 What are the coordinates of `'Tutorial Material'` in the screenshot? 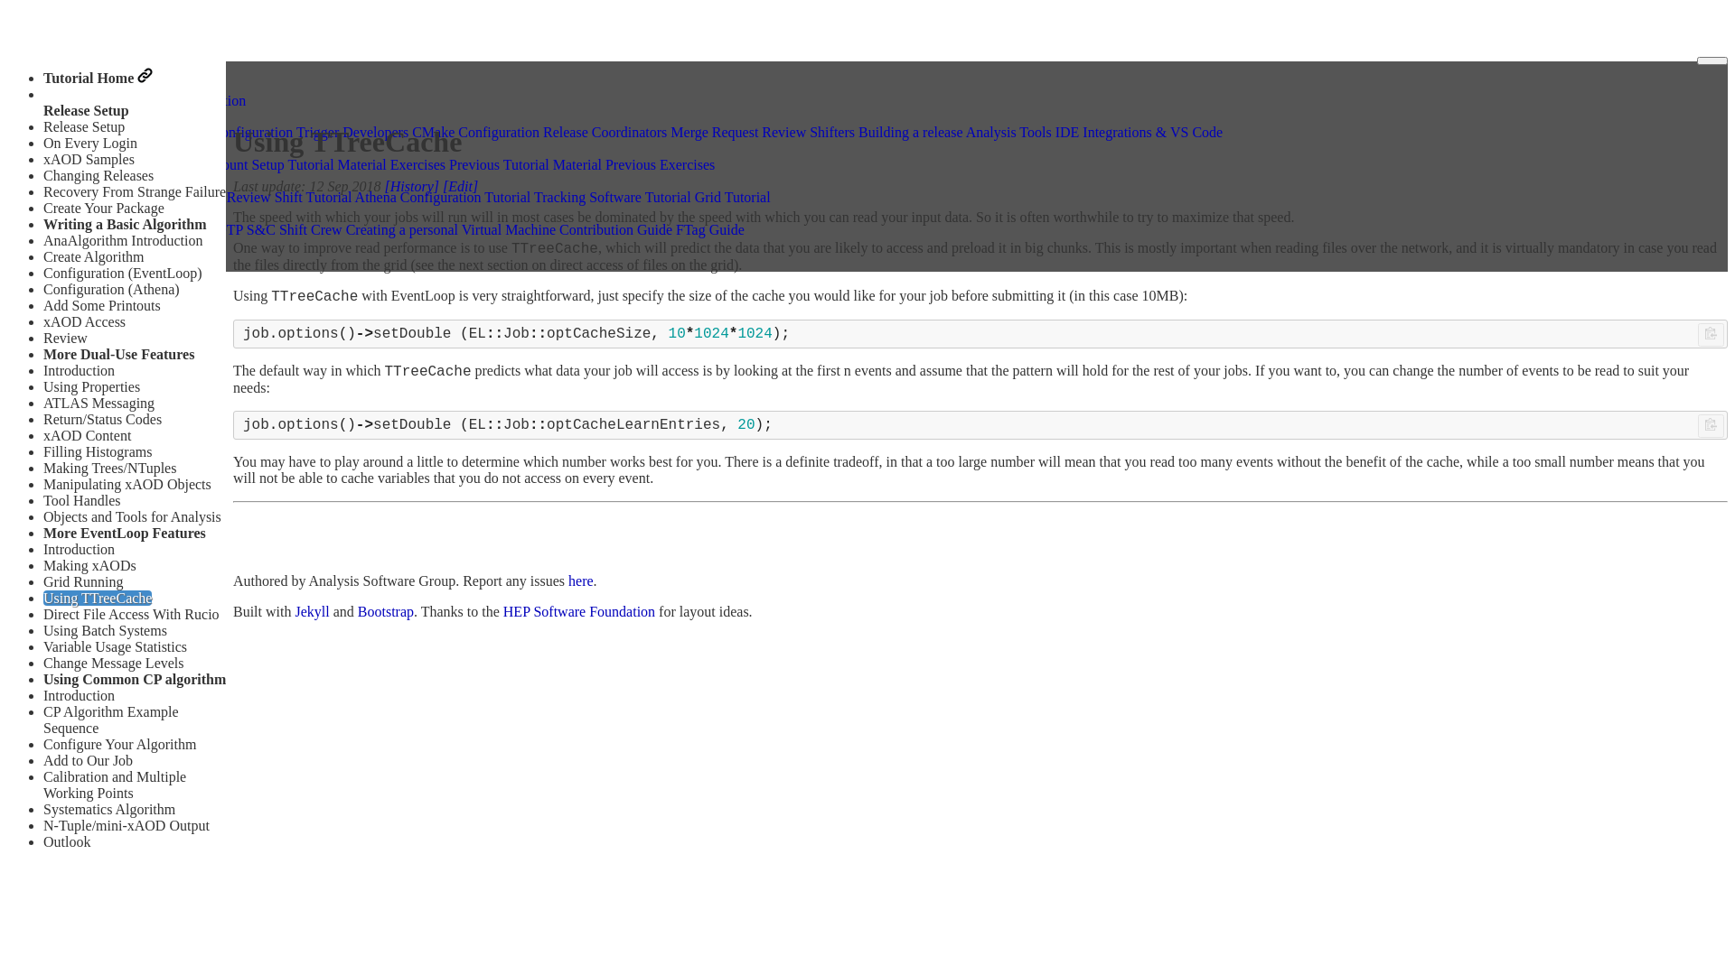 It's located at (286, 164).